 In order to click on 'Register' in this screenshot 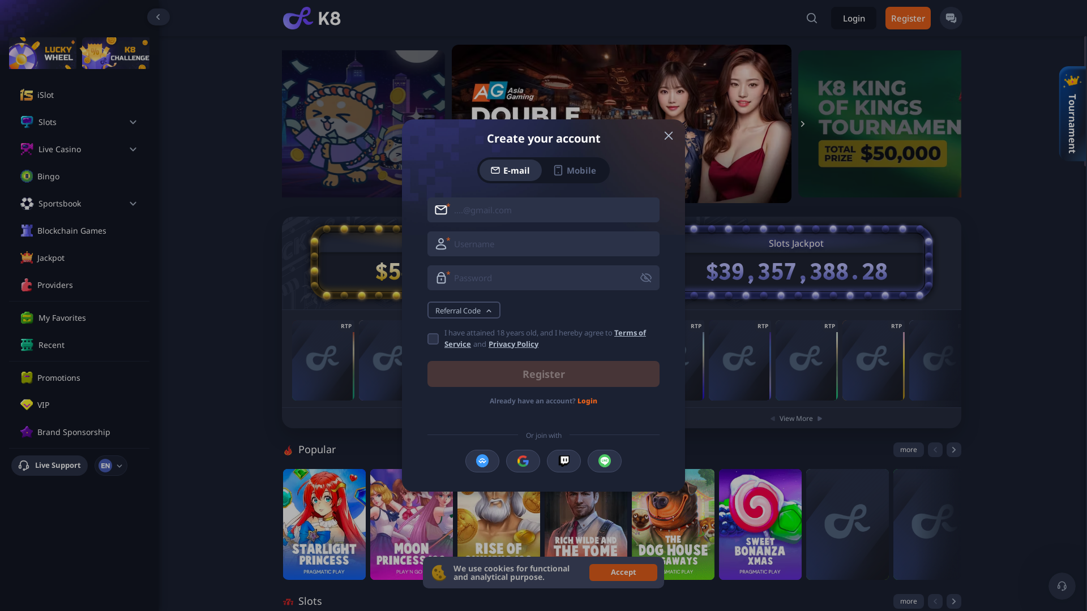, I will do `click(908, 18)`.